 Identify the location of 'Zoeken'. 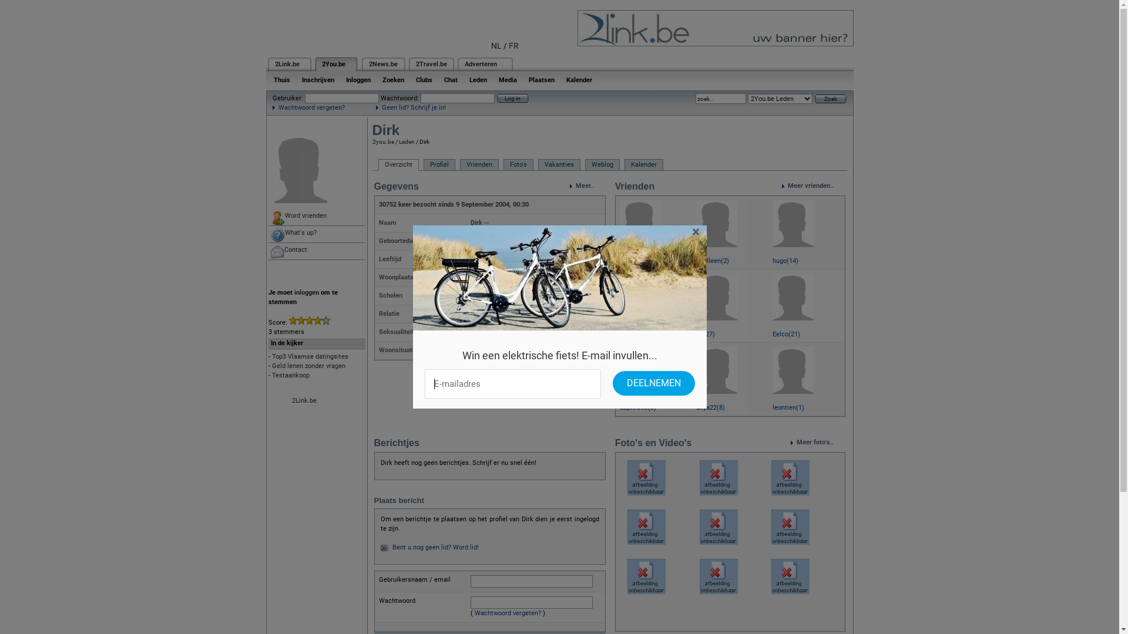
(375, 79).